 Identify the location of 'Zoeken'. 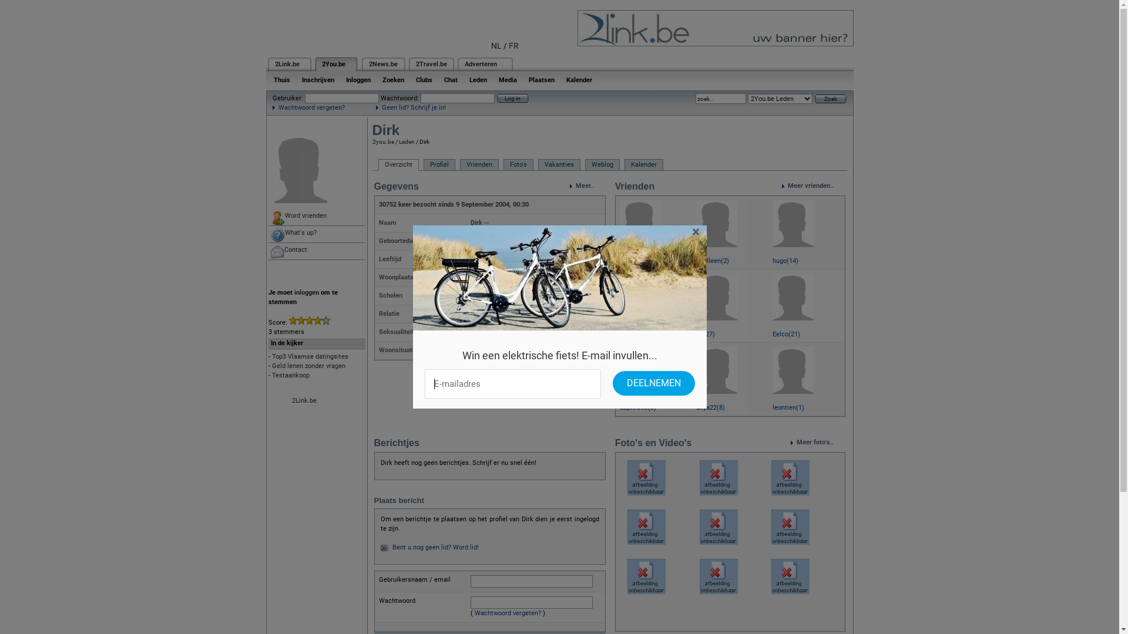
(375, 79).